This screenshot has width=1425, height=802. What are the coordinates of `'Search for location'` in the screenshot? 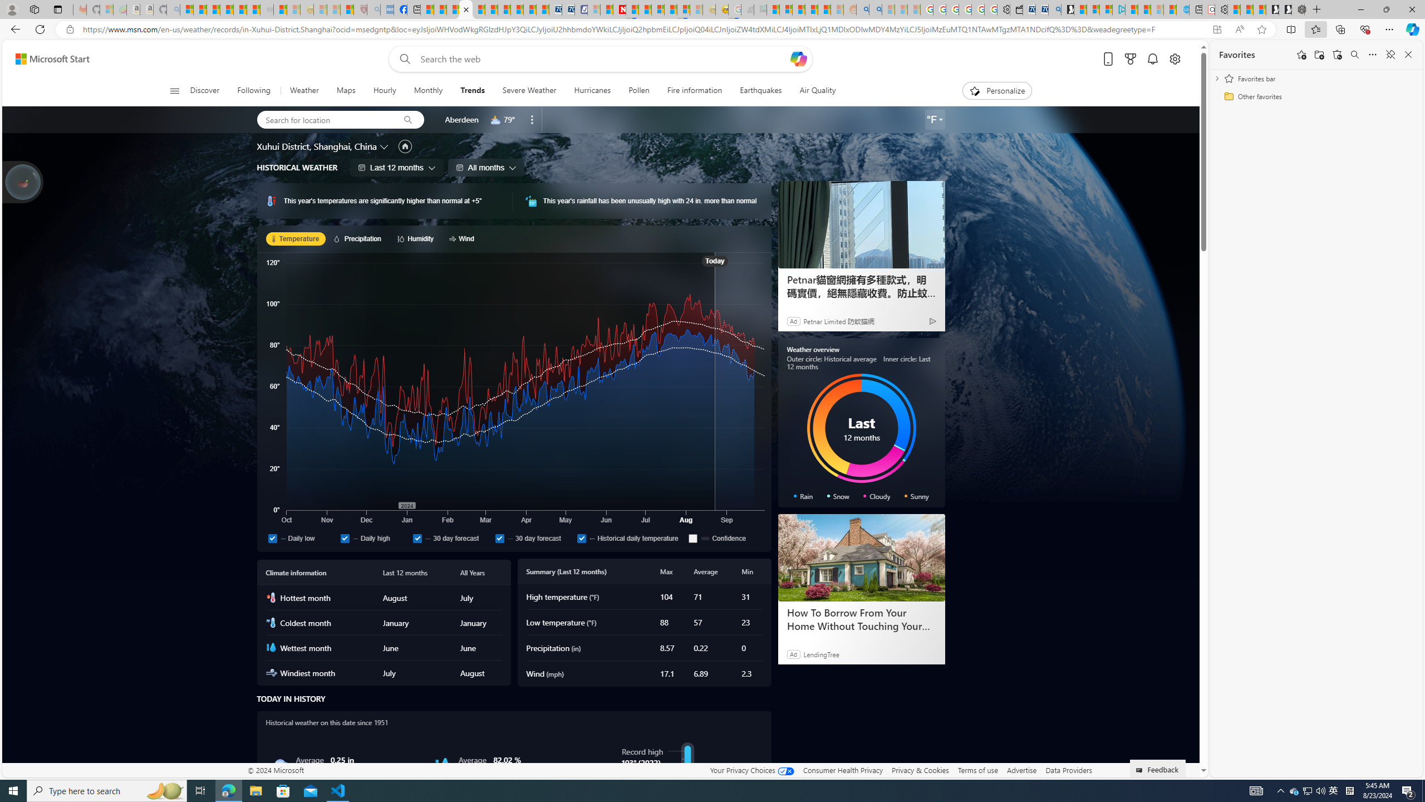 It's located at (324, 119).